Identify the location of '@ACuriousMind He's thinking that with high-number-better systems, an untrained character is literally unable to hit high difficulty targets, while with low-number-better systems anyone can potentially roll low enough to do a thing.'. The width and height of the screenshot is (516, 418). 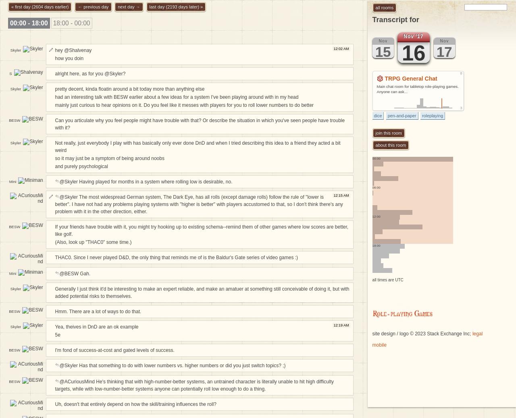
(54, 385).